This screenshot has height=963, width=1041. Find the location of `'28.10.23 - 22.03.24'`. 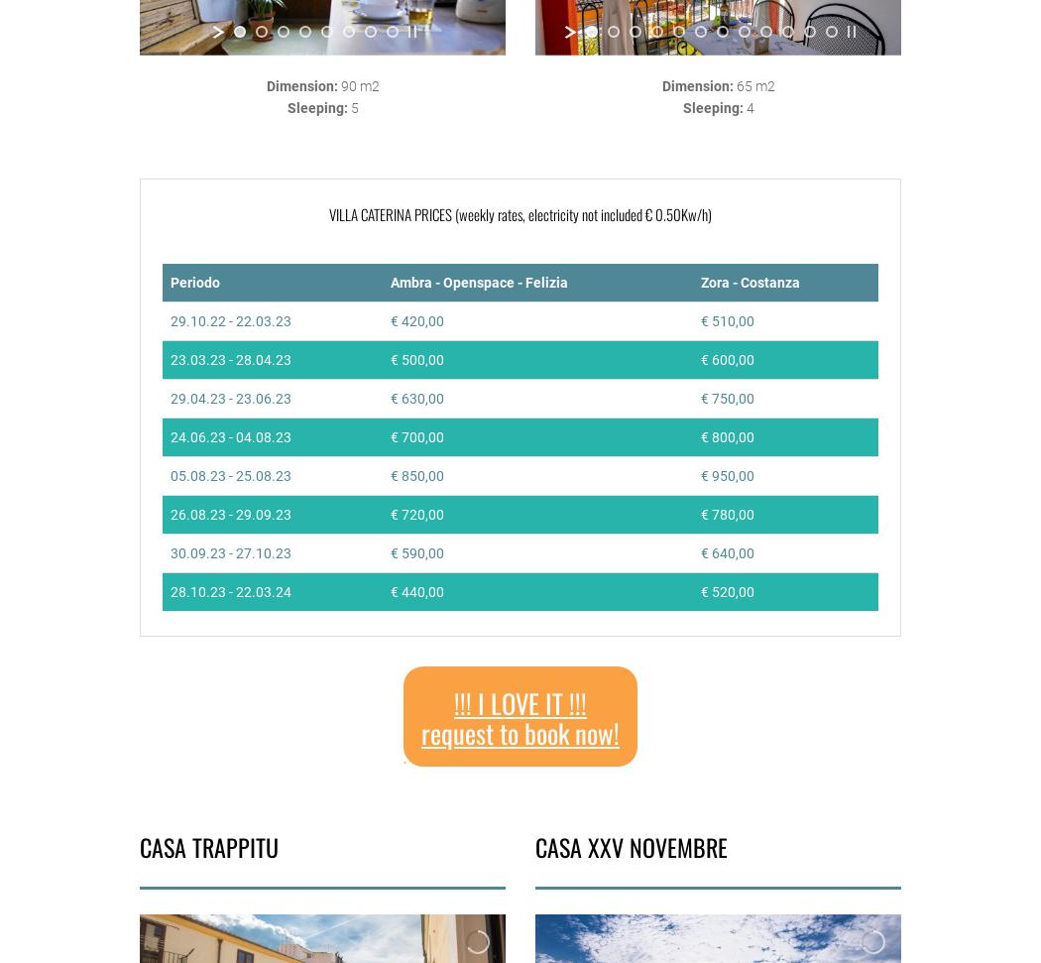

'28.10.23 - 22.03.24' is located at coordinates (230, 589).